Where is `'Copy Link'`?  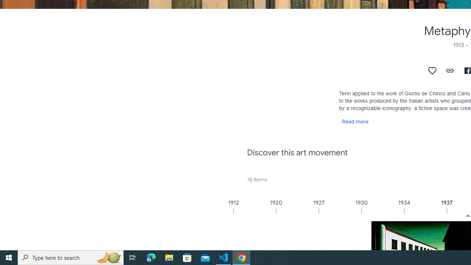
'Copy Link' is located at coordinates (450, 70).